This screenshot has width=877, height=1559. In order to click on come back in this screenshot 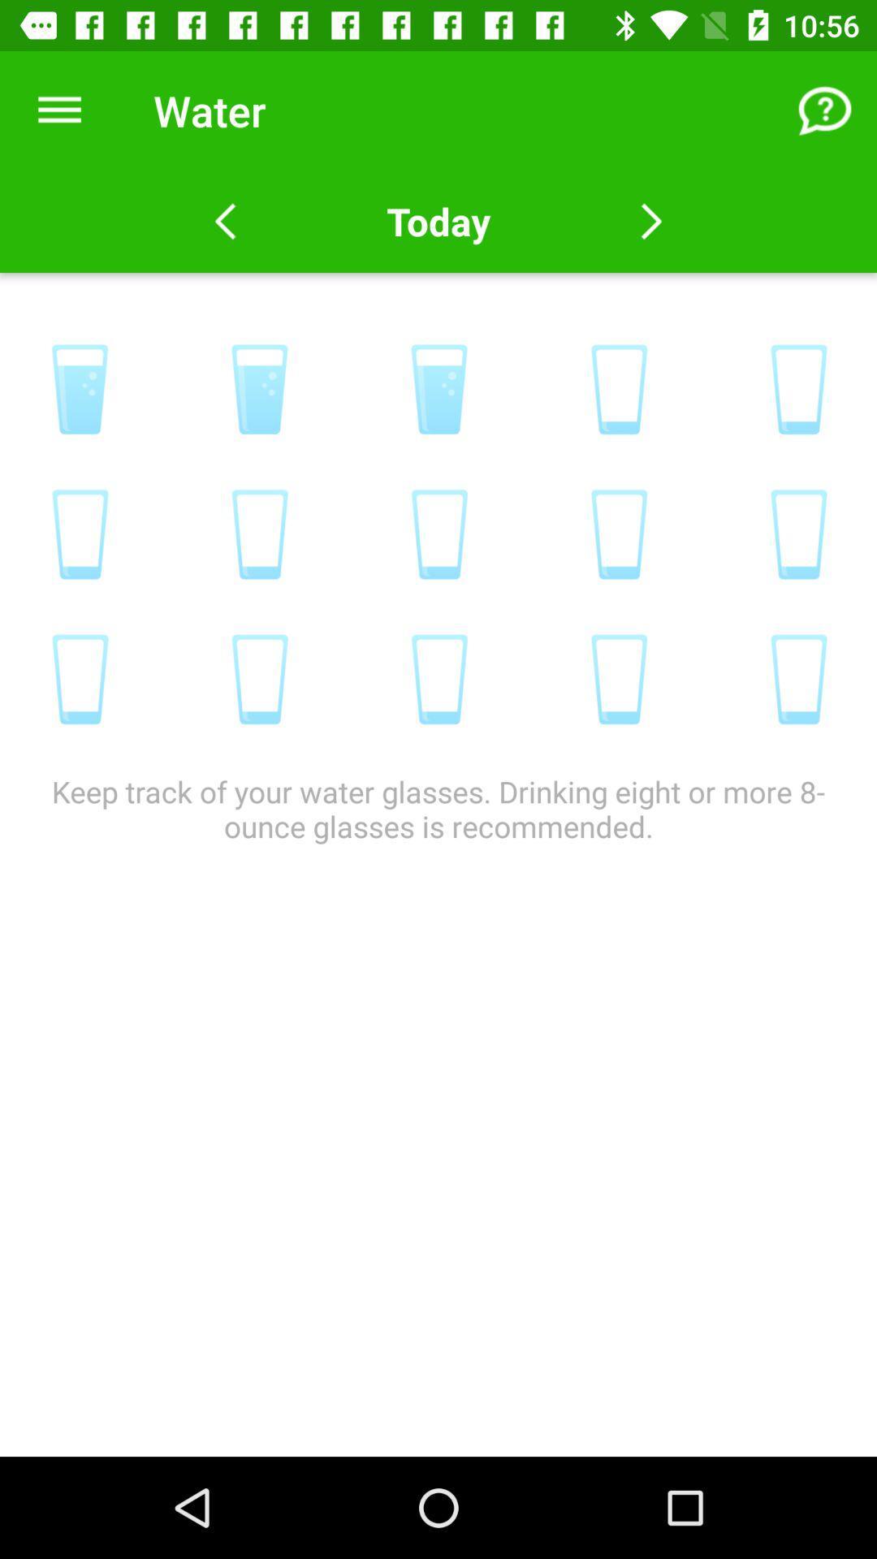, I will do `click(650, 221)`.